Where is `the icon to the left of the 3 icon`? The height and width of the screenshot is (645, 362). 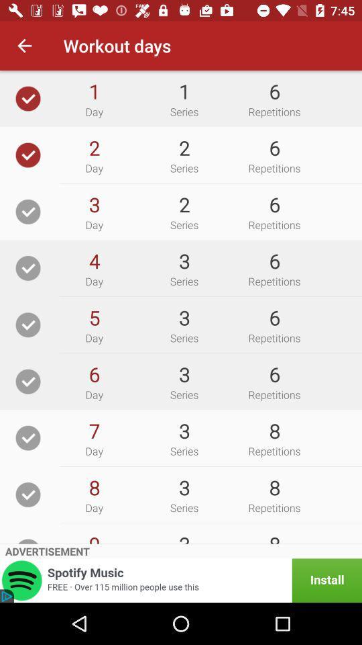
the icon to the left of the 3 icon is located at coordinates (93, 537).